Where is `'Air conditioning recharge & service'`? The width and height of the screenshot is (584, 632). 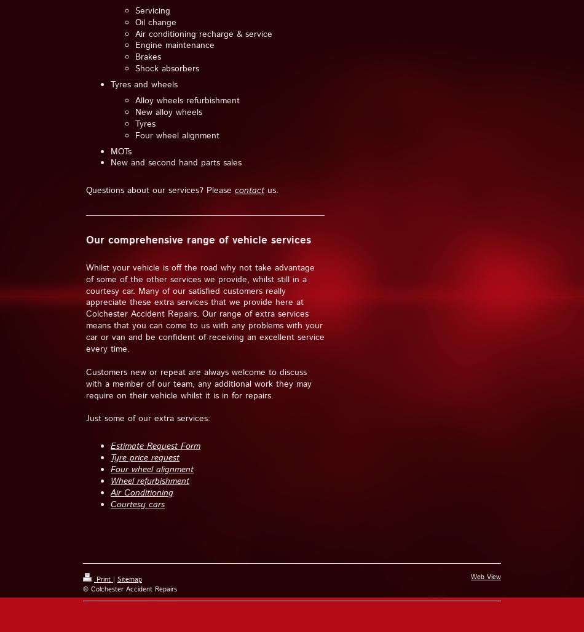 'Air conditioning recharge & service' is located at coordinates (203, 33).